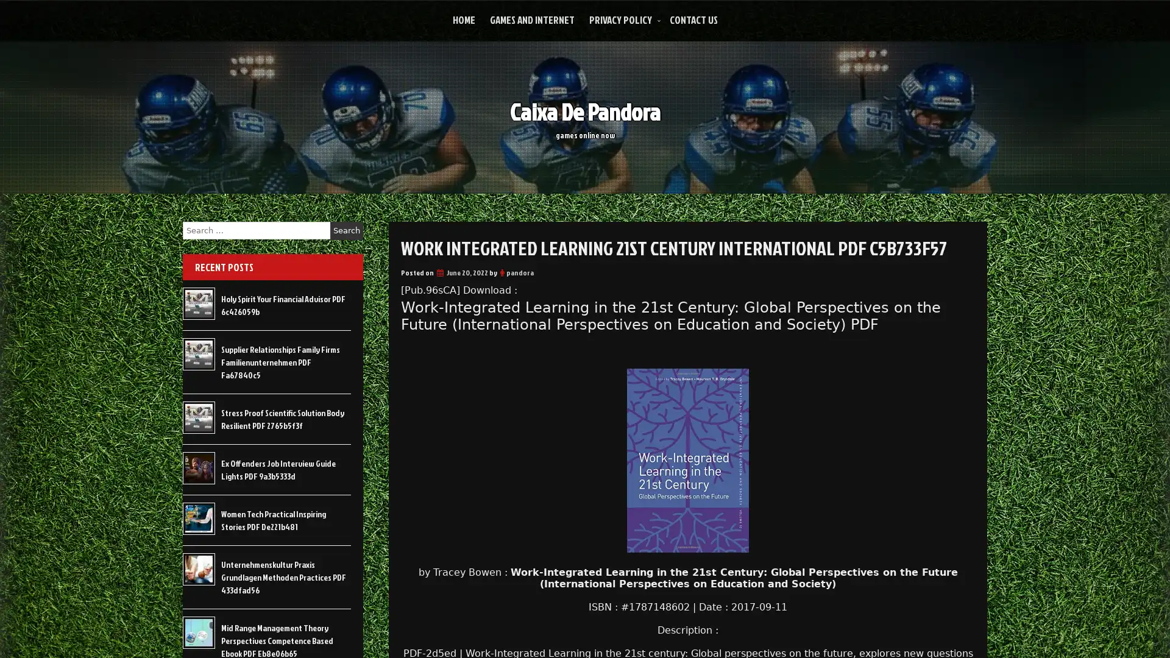  I want to click on Search, so click(346, 230).